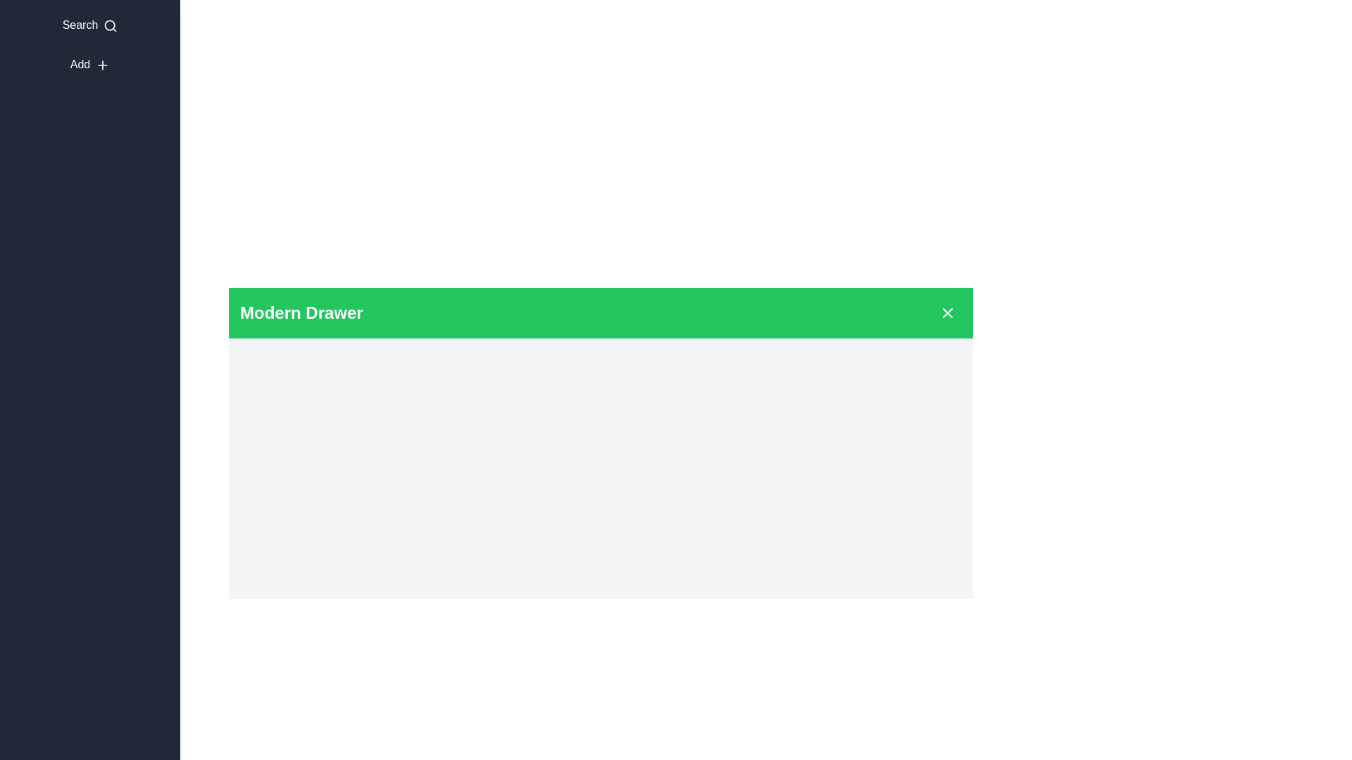 This screenshot has width=1352, height=760. Describe the element at coordinates (102, 65) in the screenshot. I see `the add icon located to the right of the 'Add' text in the left-hand vertical navigation bar` at that location.